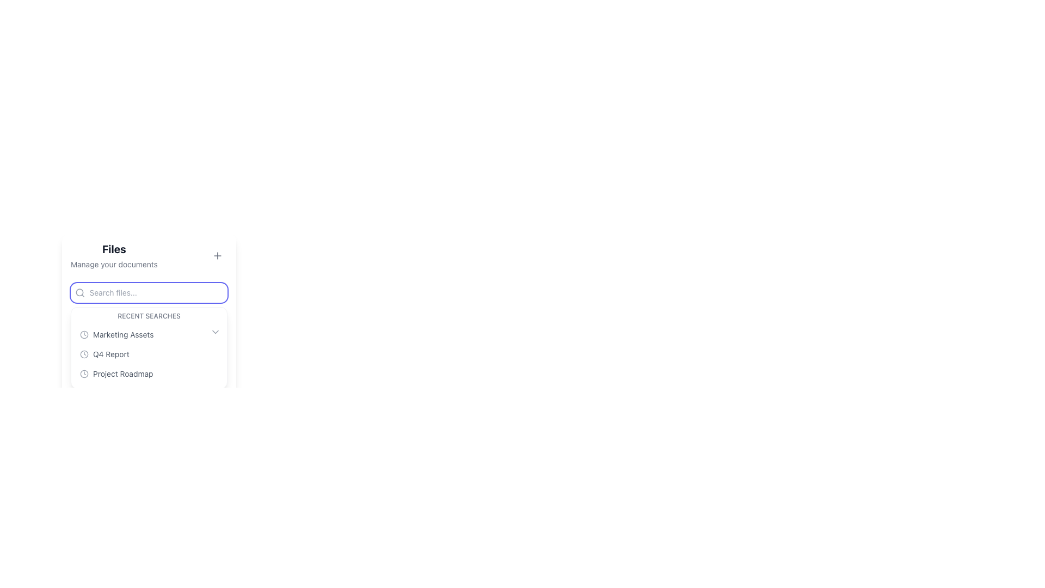  I want to click on the 'Add' or 'Create' button located at the top-right corner of the 'Files' section, adjacent to the text 'Manage your documents', so click(217, 256).